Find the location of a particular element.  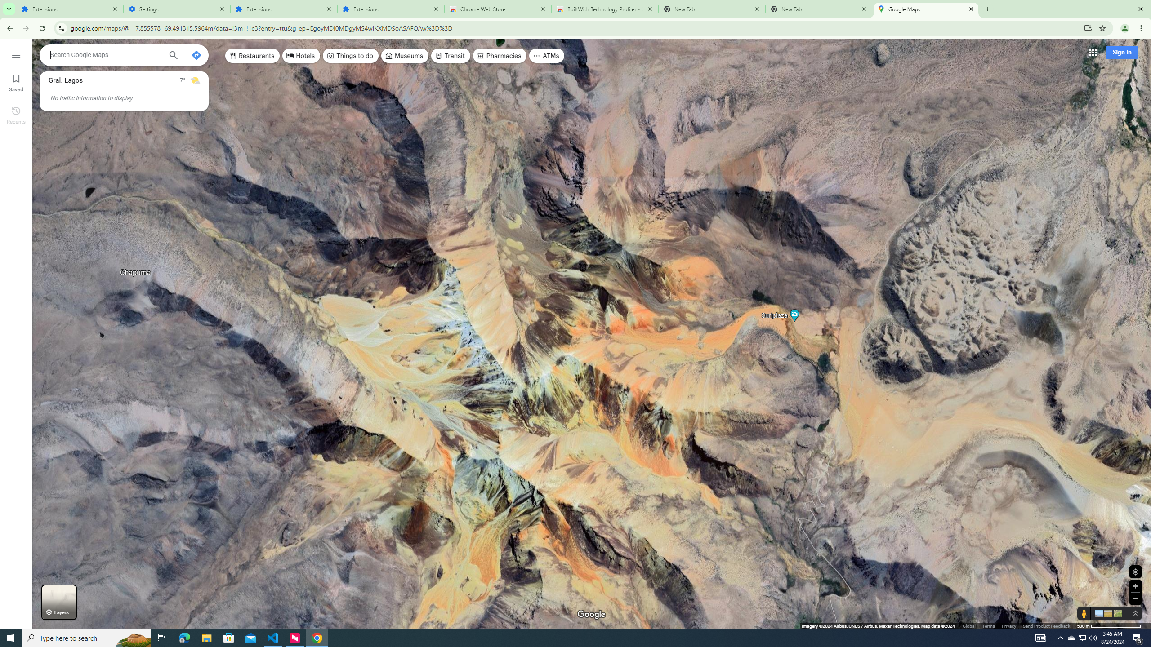

'Restaurants' is located at coordinates (252, 55).